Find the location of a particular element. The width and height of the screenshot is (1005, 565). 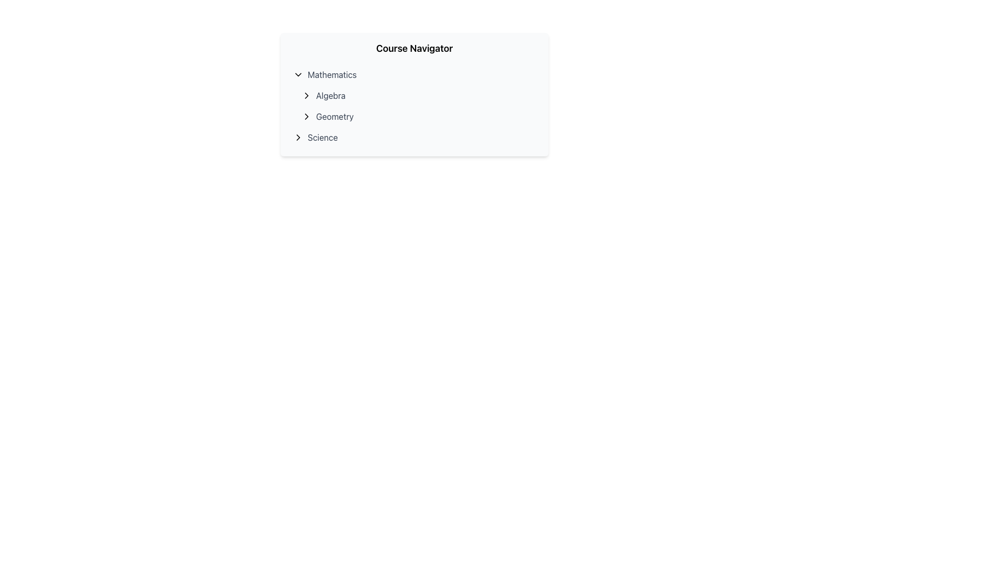

the downward-pointing chevron icon located to the left of the 'Mathematics' text is located at coordinates (298, 74).